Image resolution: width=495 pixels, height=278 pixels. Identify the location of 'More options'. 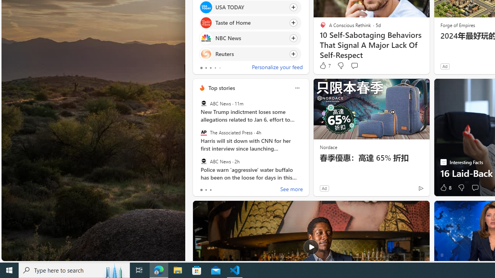
(297, 87).